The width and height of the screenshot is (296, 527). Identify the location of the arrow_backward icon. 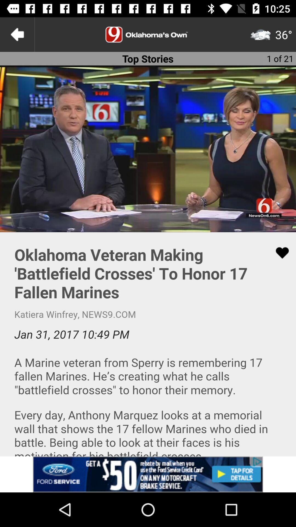
(17, 34).